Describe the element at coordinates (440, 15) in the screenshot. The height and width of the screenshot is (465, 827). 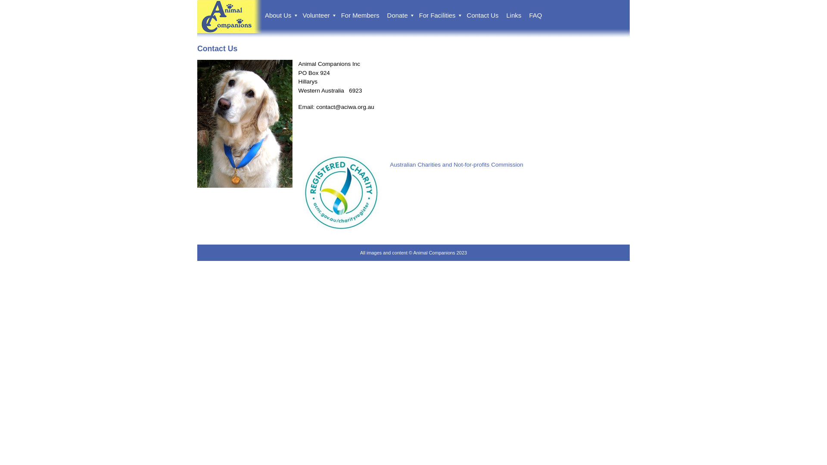
I see `'For Facilities'` at that location.